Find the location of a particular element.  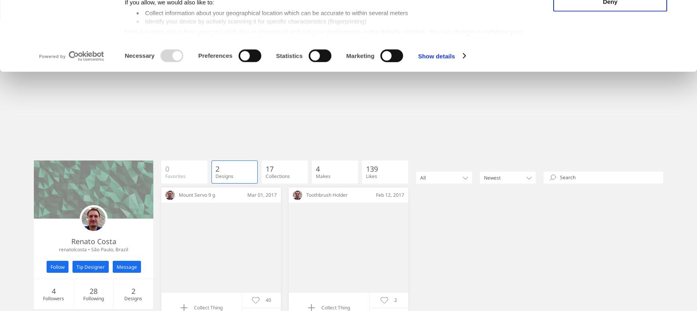

'Mount Servo 9 g' is located at coordinates (197, 194).